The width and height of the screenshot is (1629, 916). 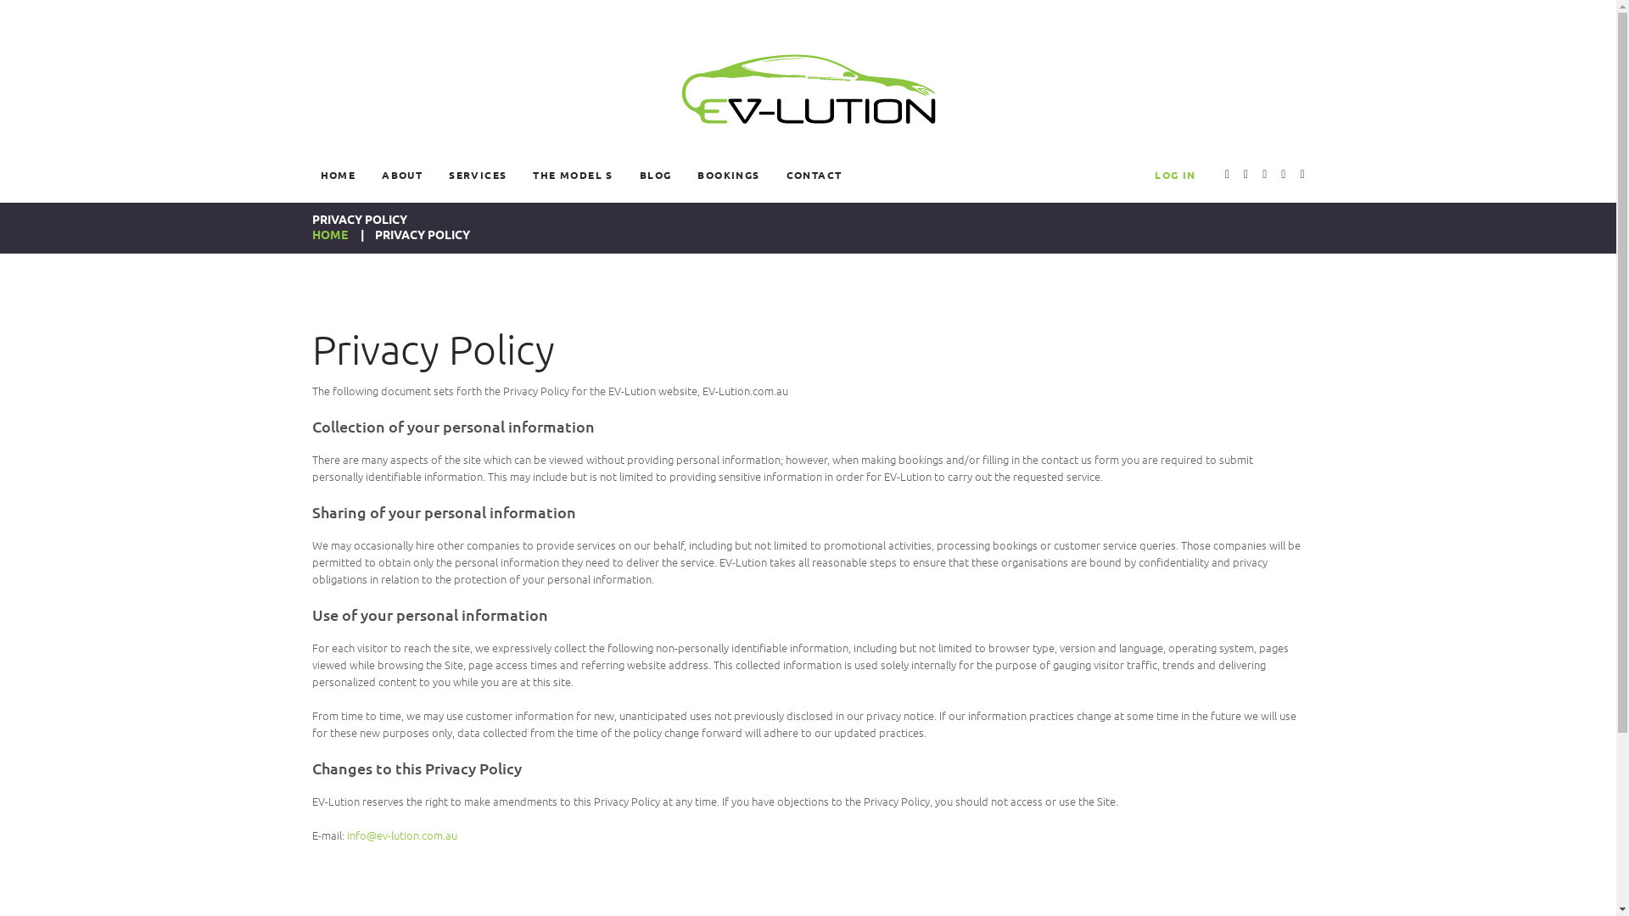 I want to click on 'THE MODEL S', so click(x=573, y=174).